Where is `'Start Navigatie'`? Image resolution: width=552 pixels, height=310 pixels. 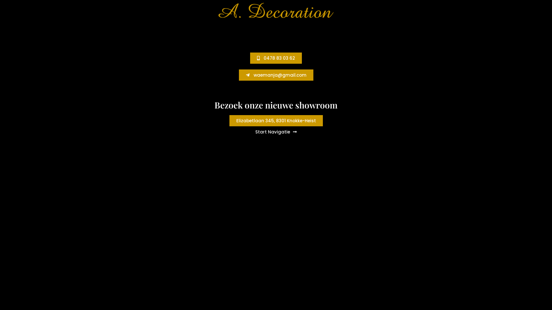 'Start Navigatie' is located at coordinates (276, 132).